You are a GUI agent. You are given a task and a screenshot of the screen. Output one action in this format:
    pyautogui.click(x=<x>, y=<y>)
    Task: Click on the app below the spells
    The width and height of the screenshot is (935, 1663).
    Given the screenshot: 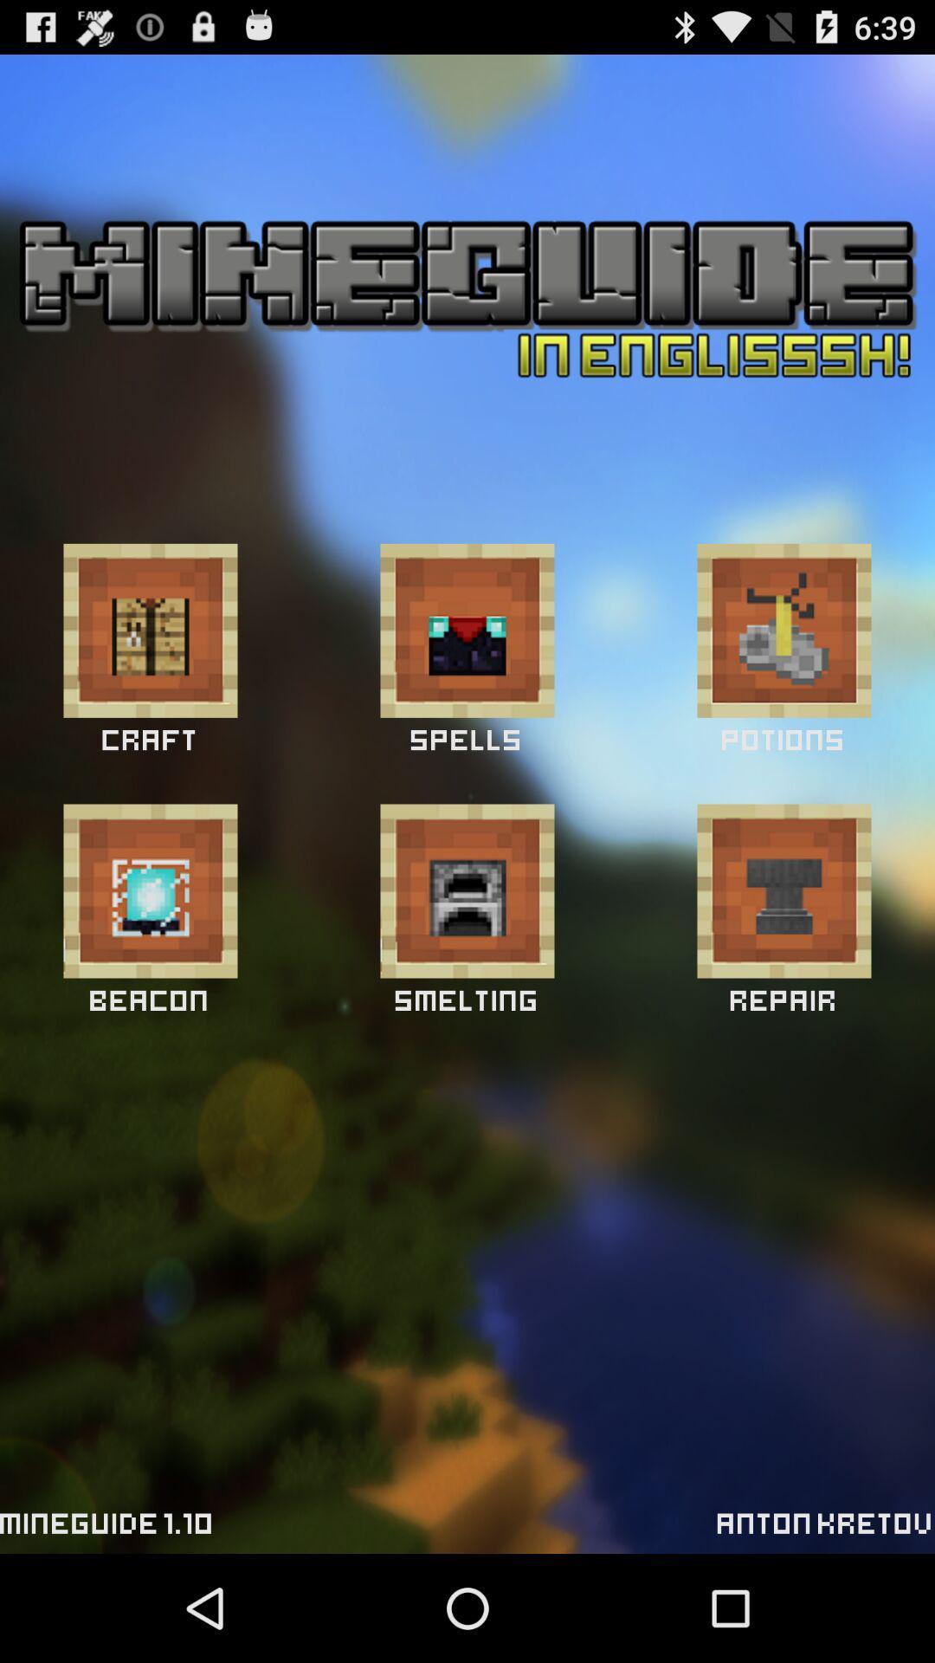 What is the action you would take?
    pyautogui.click(x=467, y=890)
    